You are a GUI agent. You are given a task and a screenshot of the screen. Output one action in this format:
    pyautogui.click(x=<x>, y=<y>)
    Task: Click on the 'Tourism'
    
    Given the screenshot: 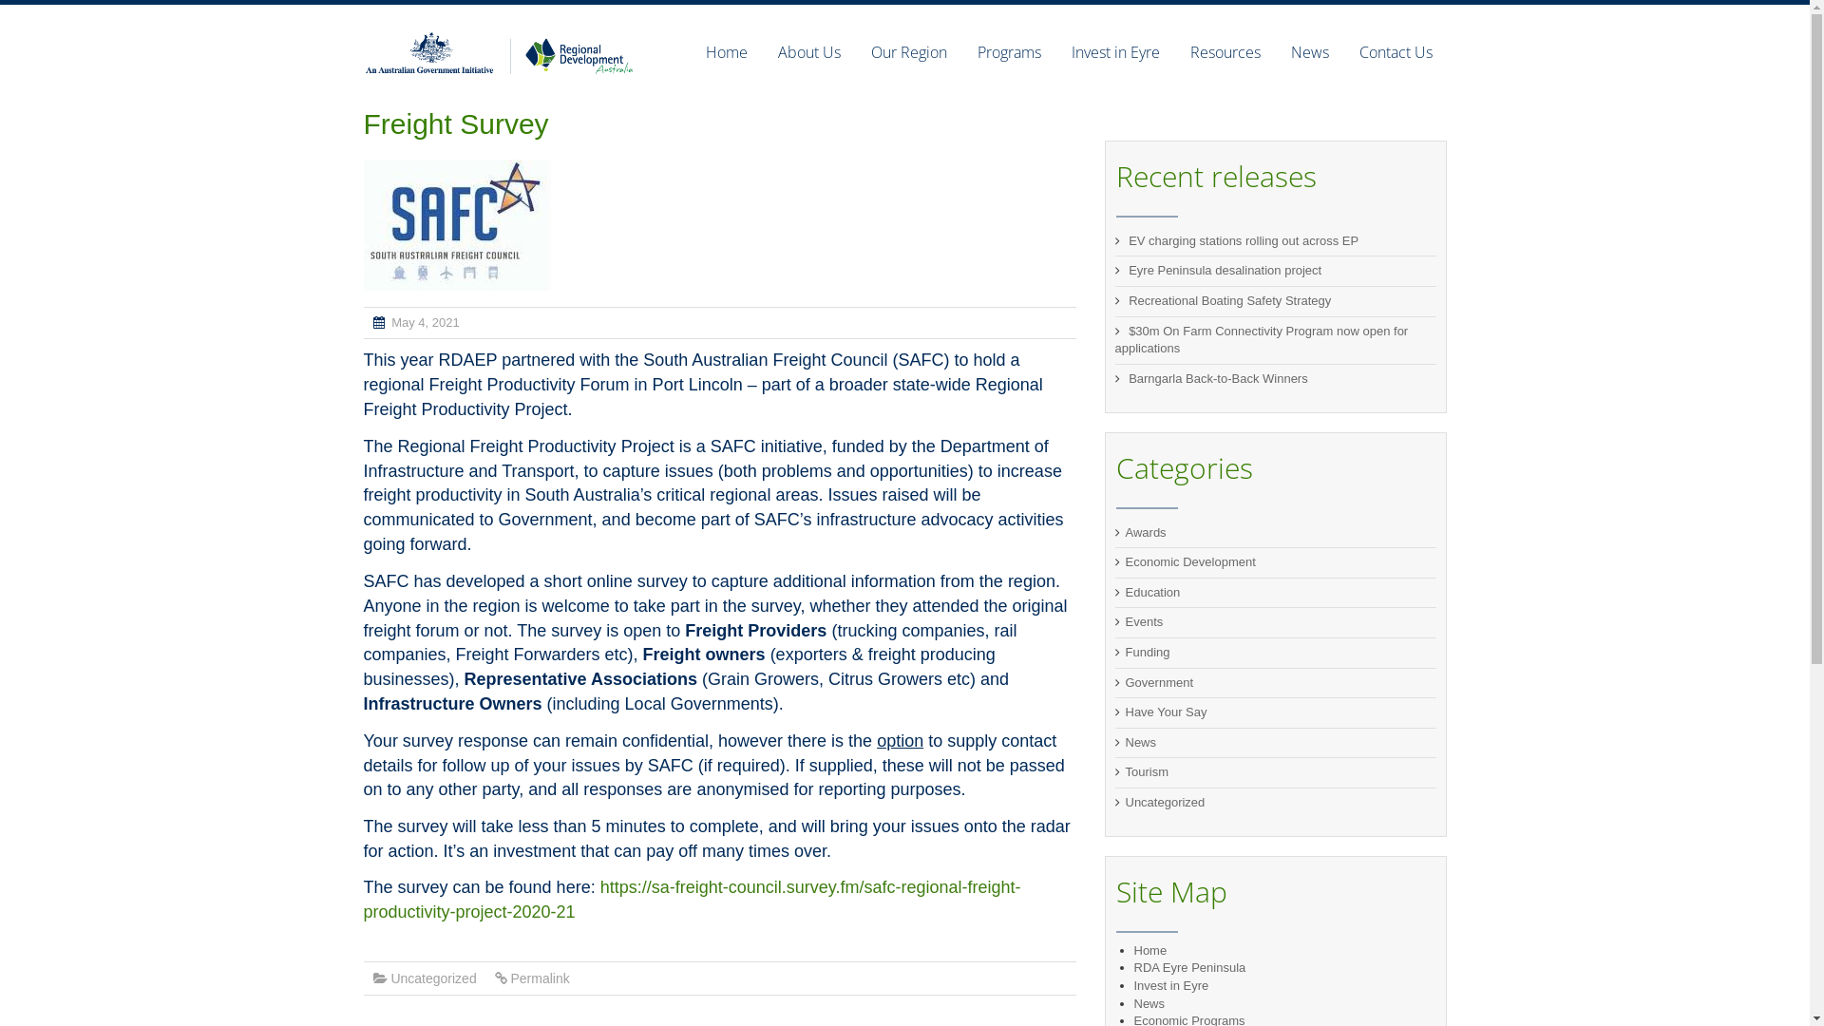 What is the action you would take?
    pyautogui.click(x=1125, y=771)
    